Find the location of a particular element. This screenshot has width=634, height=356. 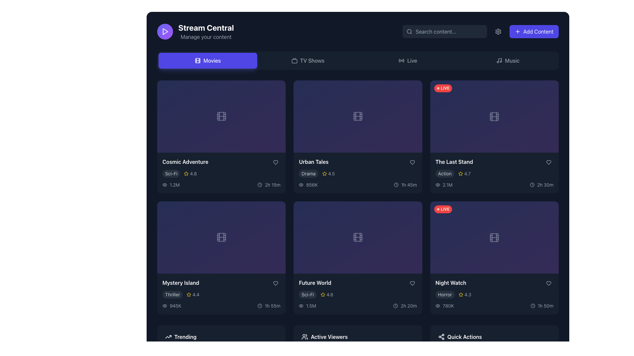

the heart icon in the second movie card titled 'Urban Tales' to mark the movie as a favorite is located at coordinates (412, 163).